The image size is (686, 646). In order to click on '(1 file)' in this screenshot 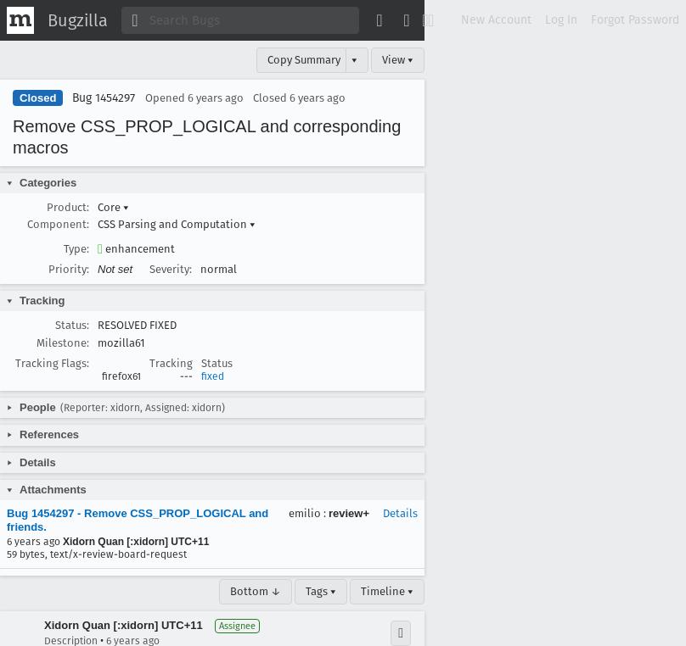, I will do `click(89, 488)`.